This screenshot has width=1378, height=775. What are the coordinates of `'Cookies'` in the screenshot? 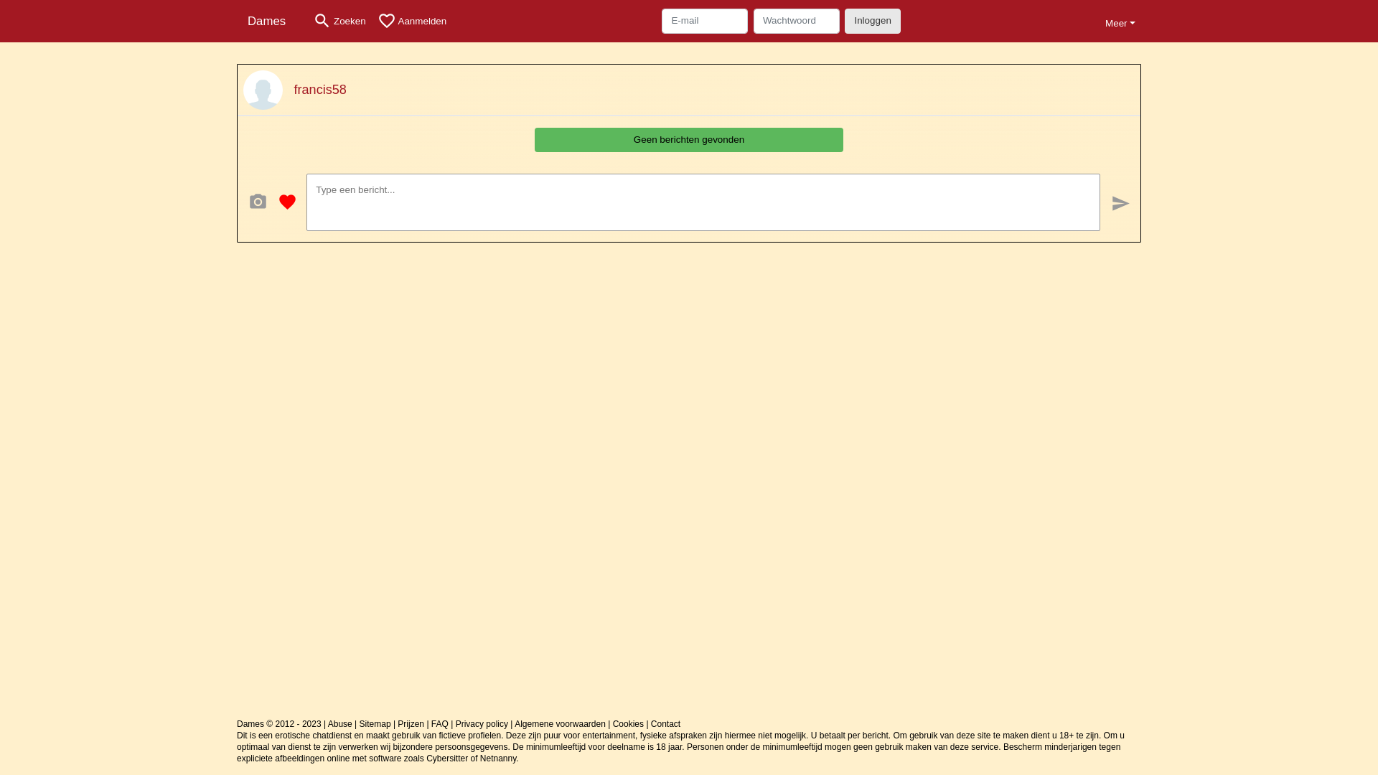 It's located at (613, 724).